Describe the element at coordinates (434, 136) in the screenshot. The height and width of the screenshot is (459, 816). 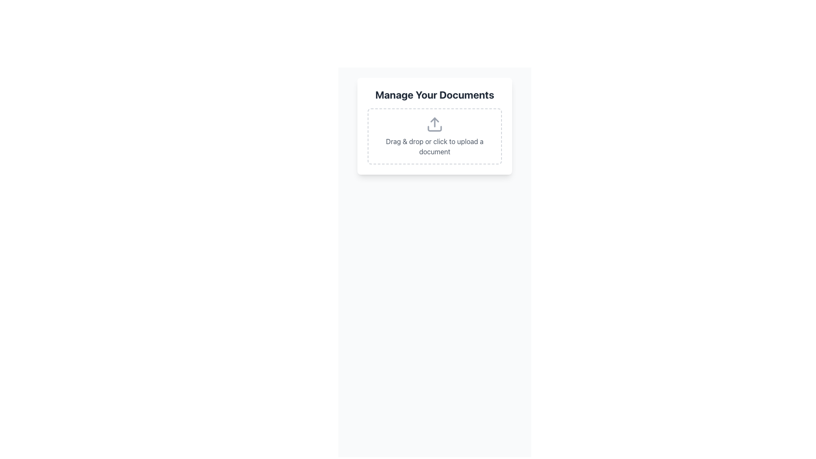
I see `the File Upload Area by using tab navigation` at that location.